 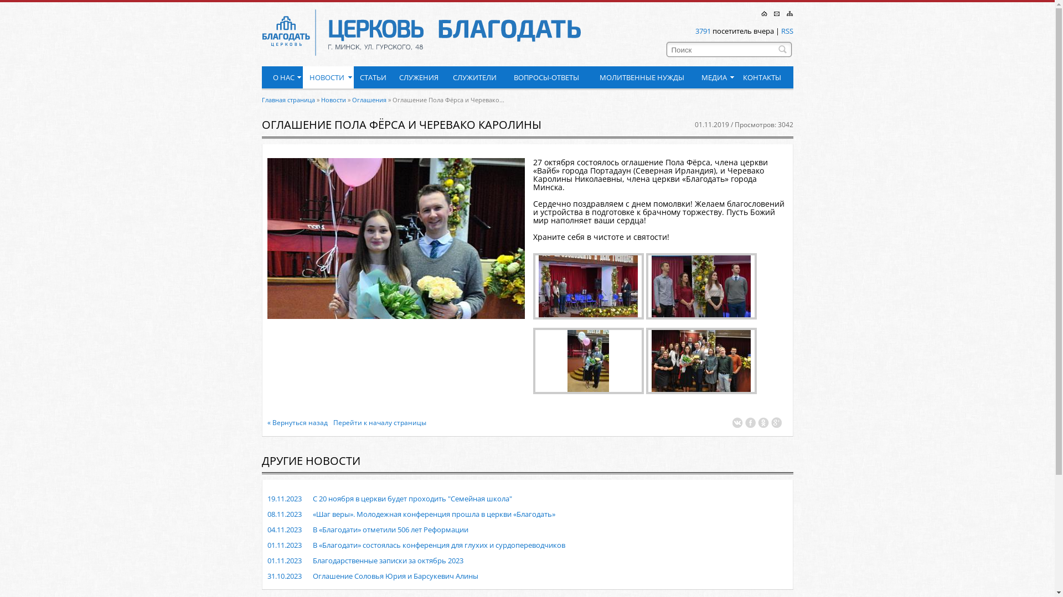 I want to click on 'RSS', so click(x=786, y=30).